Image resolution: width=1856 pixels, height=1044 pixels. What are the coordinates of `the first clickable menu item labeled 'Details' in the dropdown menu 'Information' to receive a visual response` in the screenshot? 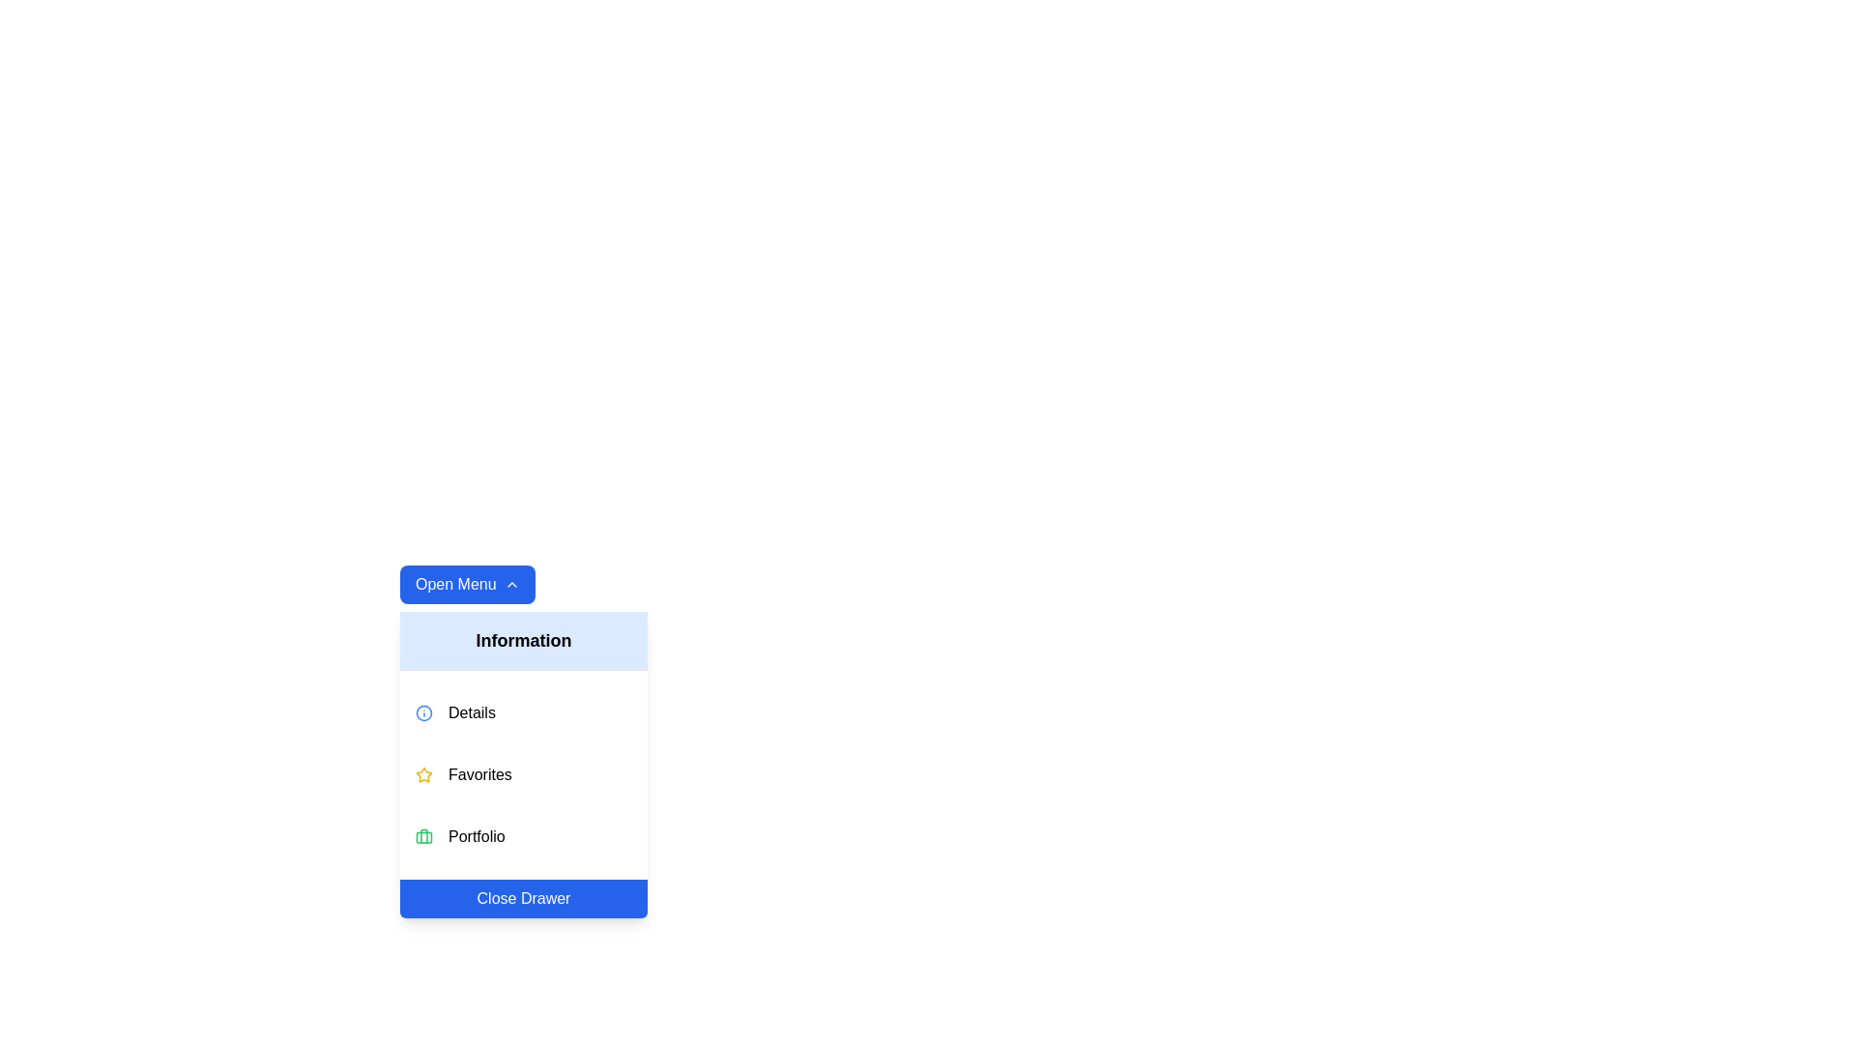 It's located at (524, 712).